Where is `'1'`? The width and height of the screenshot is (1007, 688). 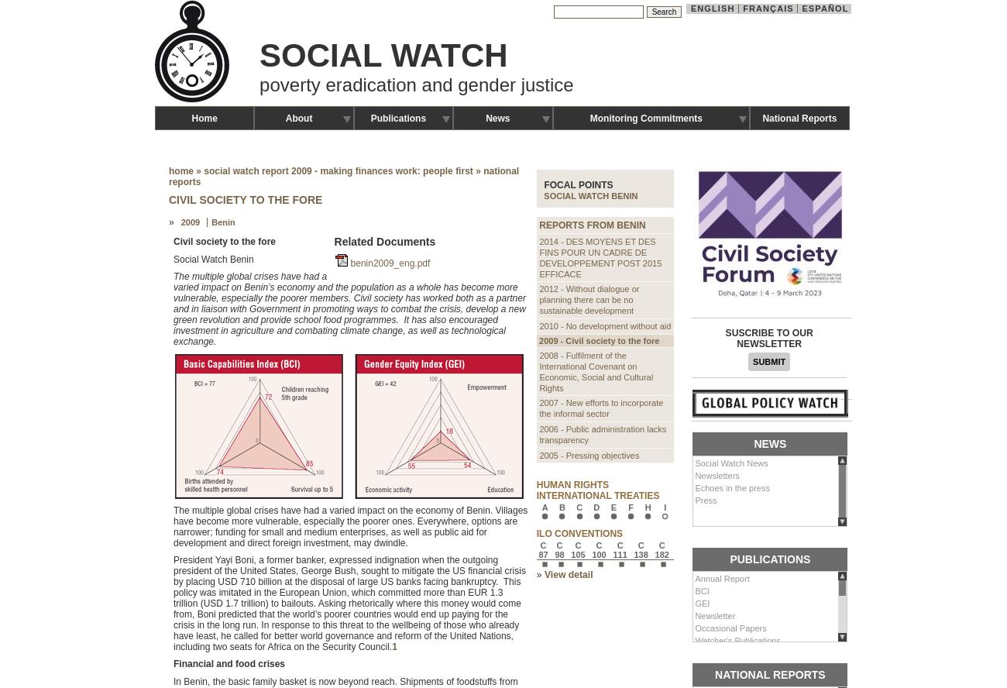
'1' is located at coordinates (394, 645).